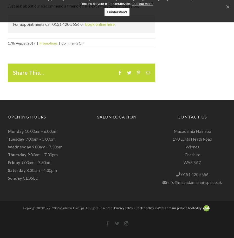 The height and width of the screenshot is (238, 234). What do you see at coordinates (7, 146) in the screenshot?
I see `'Wednesday'` at bounding box center [7, 146].